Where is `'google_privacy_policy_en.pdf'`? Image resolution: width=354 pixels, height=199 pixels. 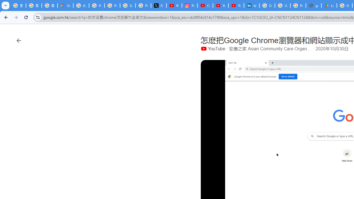
'google_privacy_policy_en.pdf' is located at coordinates (314, 6).